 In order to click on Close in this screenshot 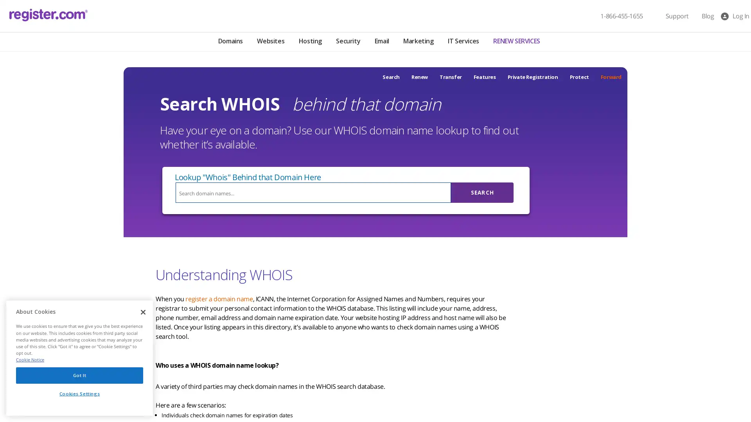, I will do `click(143, 314)`.